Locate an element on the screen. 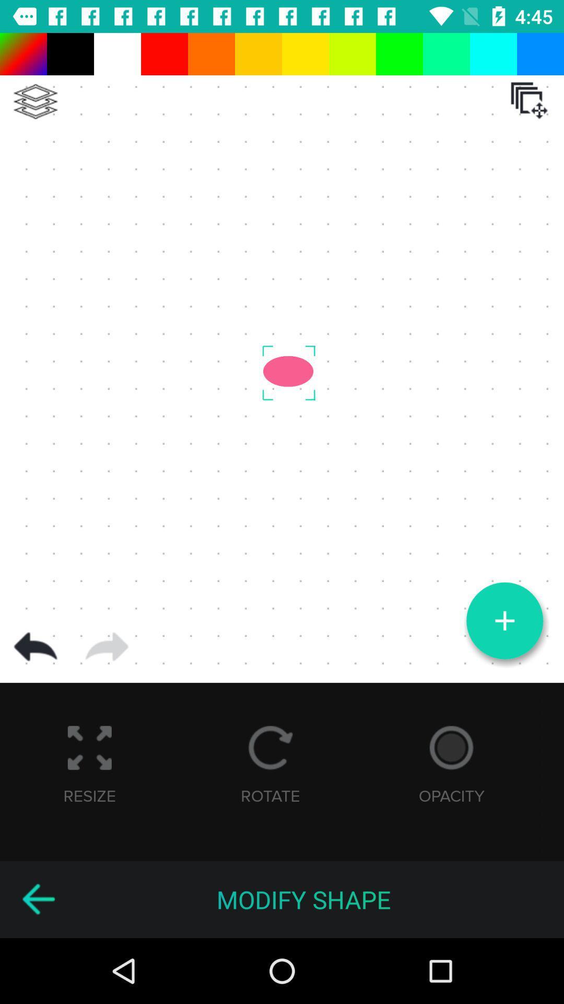 The image size is (564, 1004). go back is located at coordinates (35, 646).